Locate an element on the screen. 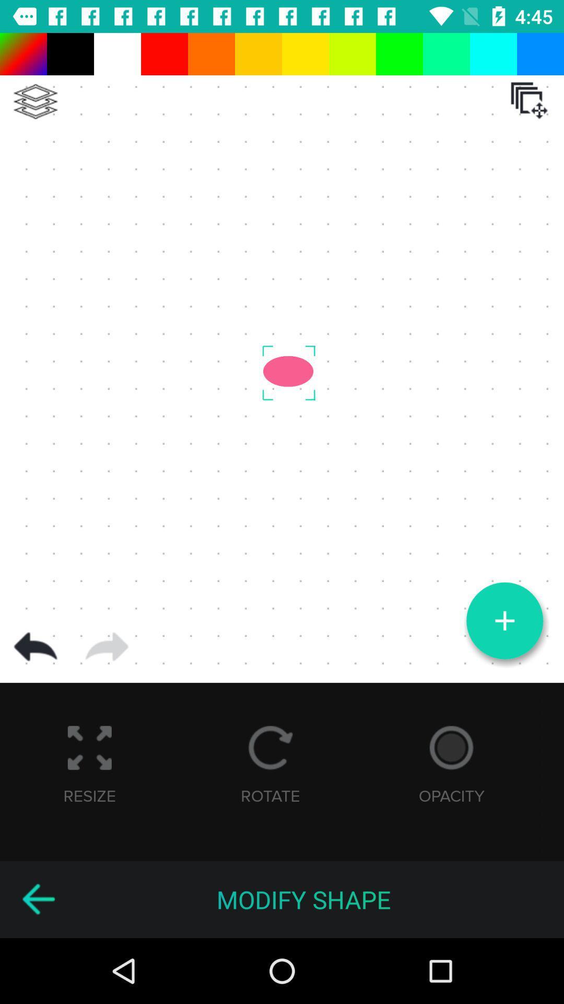 The image size is (564, 1004). go back is located at coordinates (35, 646).